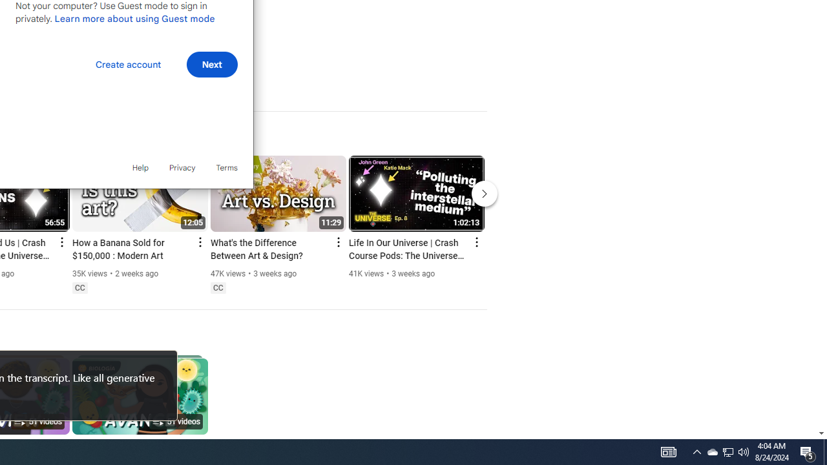  Describe the element at coordinates (824, 451) in the screenshot. I see `'Show desktop'` at that location.